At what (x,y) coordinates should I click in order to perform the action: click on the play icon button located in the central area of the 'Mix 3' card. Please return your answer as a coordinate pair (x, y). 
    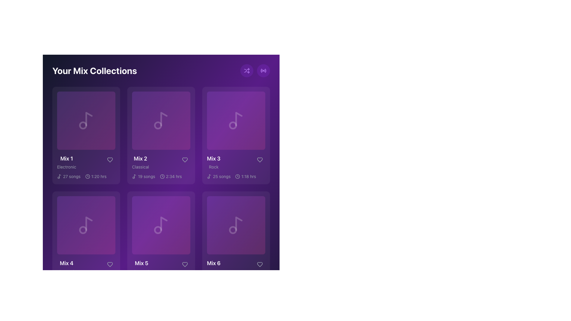
    Looking at the image, I should click on (236, 120).